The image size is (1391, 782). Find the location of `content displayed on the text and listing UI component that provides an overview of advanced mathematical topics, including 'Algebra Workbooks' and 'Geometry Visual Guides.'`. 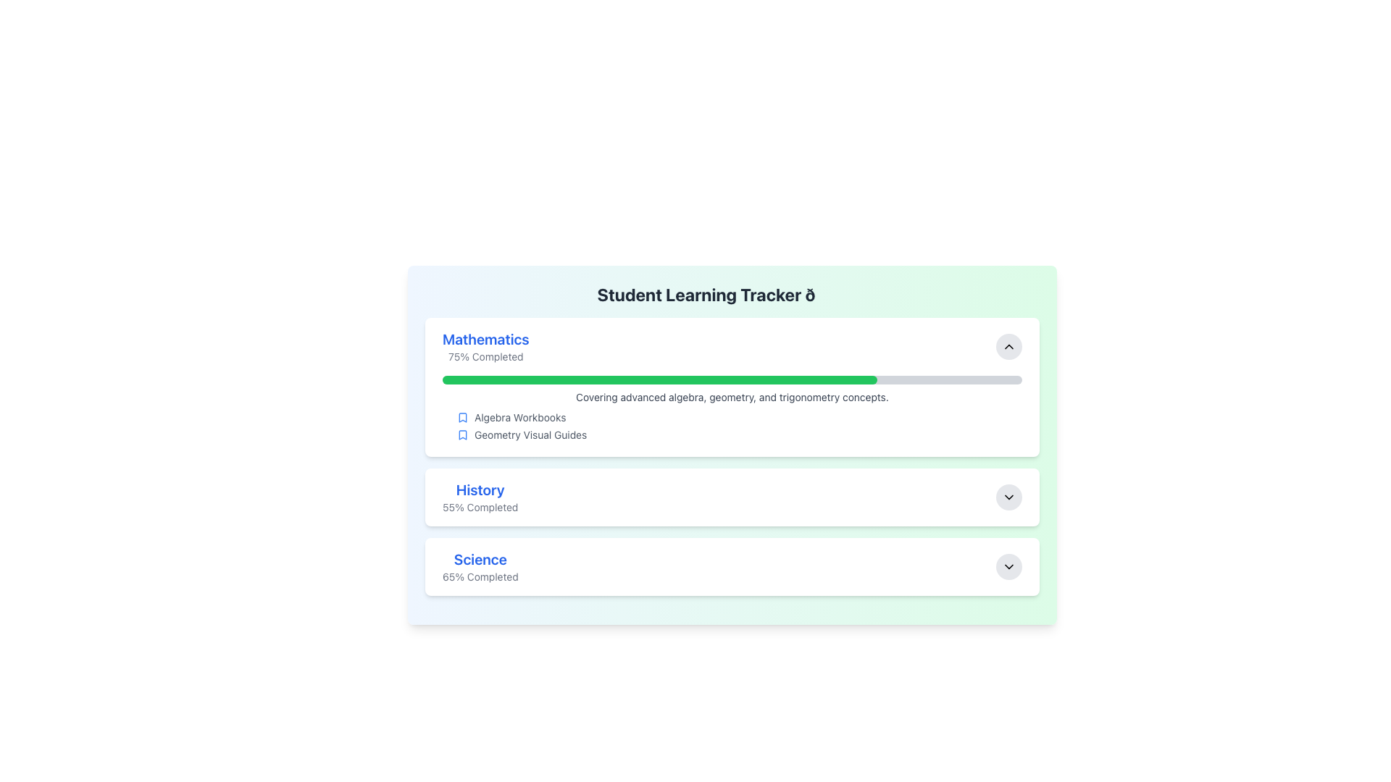

content displayed on the text and listing UI component that provides an overview of advanced mathematical topics, including 'Algebra Workbooks' and 'Geometry Visual Guides.' is located at coordinates (732, 408).